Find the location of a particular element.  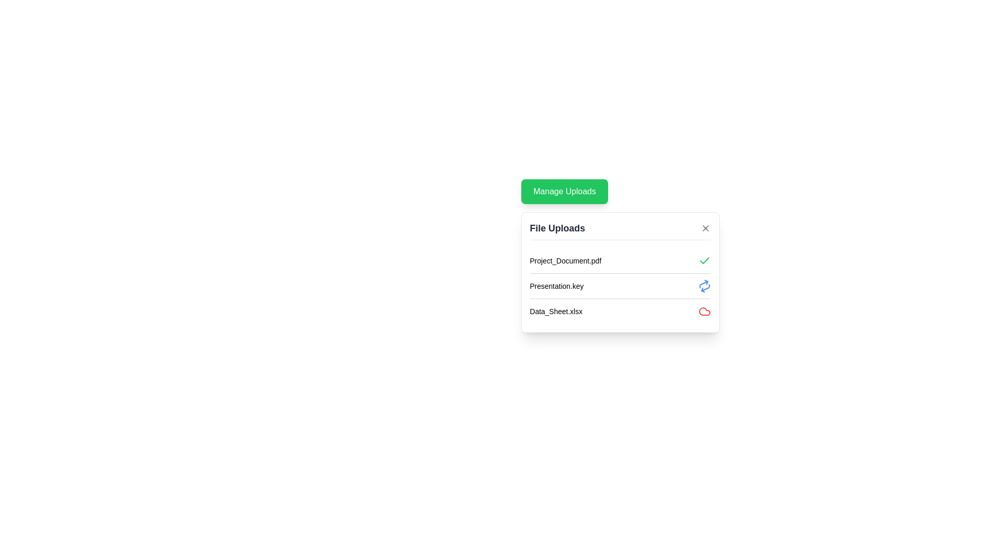

the action icon related to the uploaded file 'Data_Sheet.xlsx', which is positioned in the last row of the file upload list, to the far right of the row is located at coordinates (704, 311).